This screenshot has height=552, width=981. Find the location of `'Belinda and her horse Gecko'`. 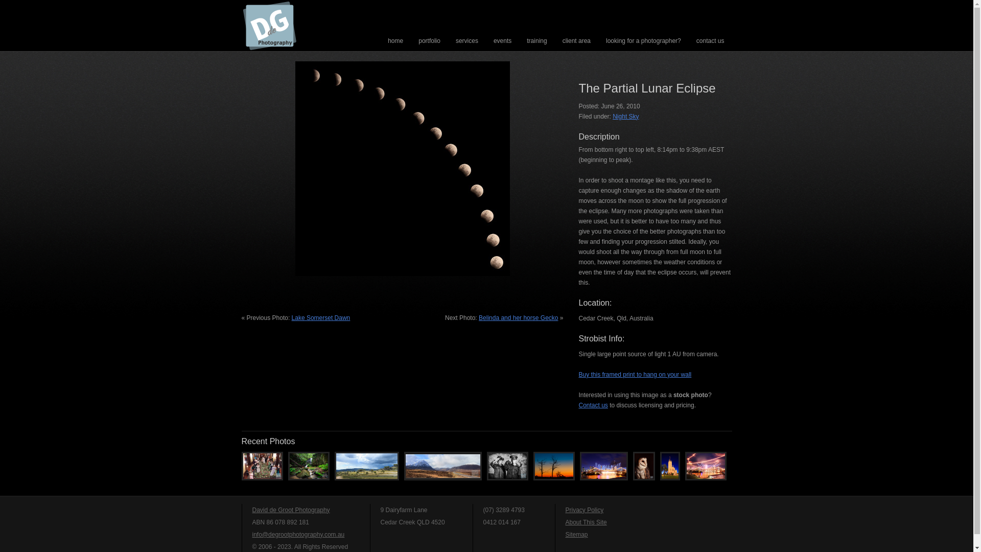

'Belinda and her horse Gecko' is located at coordinates (518, 317).